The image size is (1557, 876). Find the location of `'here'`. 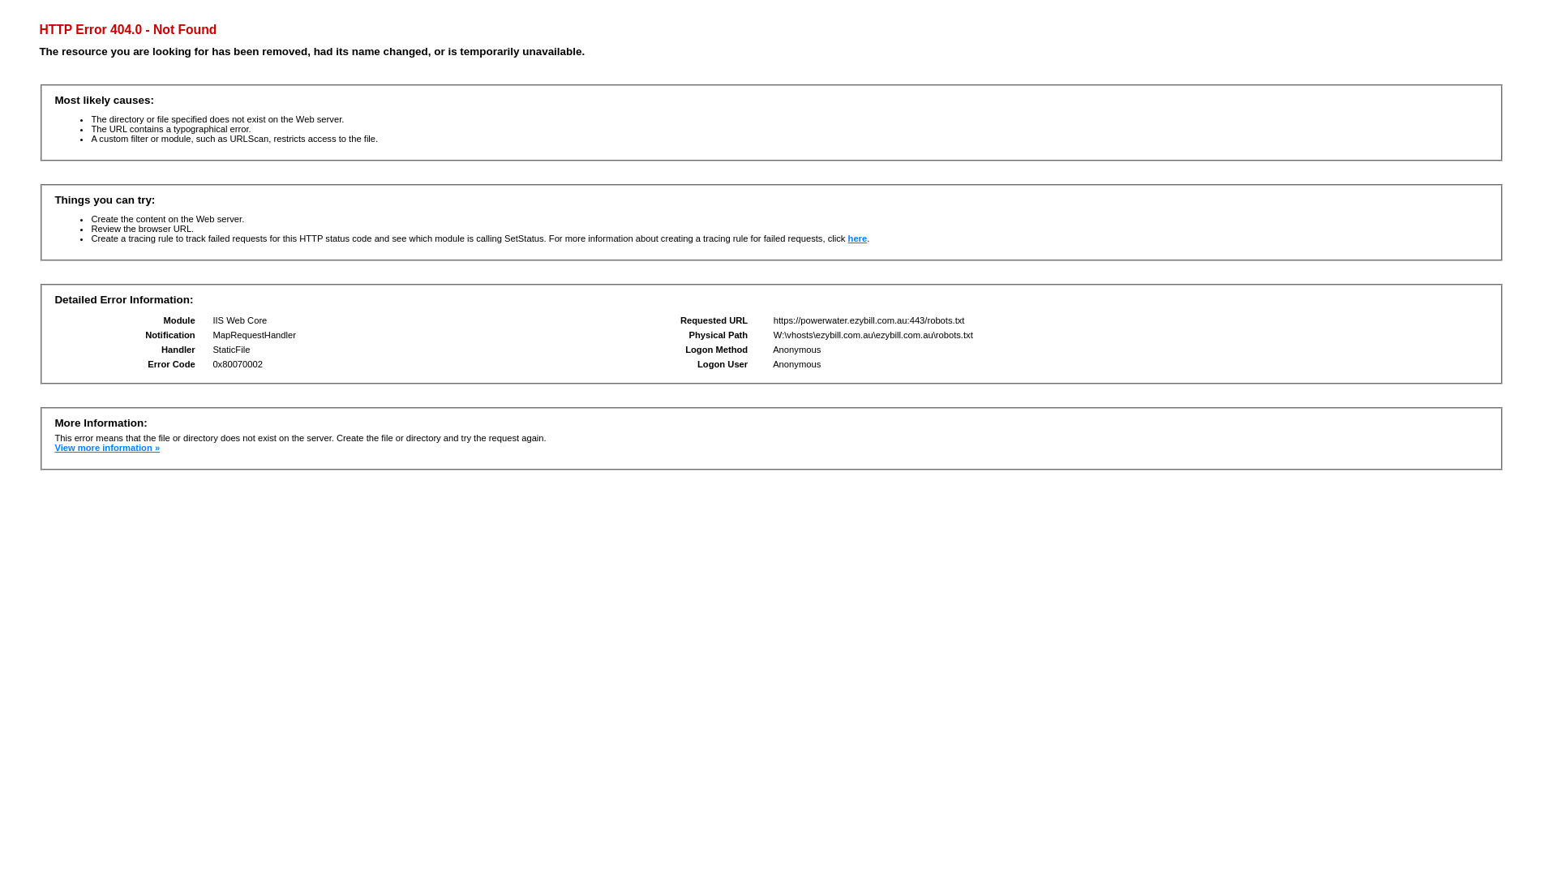

'here' is located at coordinates (847, 238).